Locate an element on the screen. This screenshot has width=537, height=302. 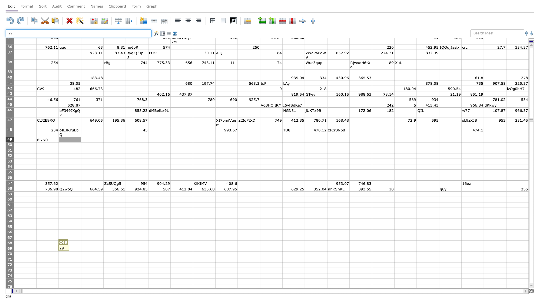
Fill handle of cell F-69 is located at coordinates (148, 251).